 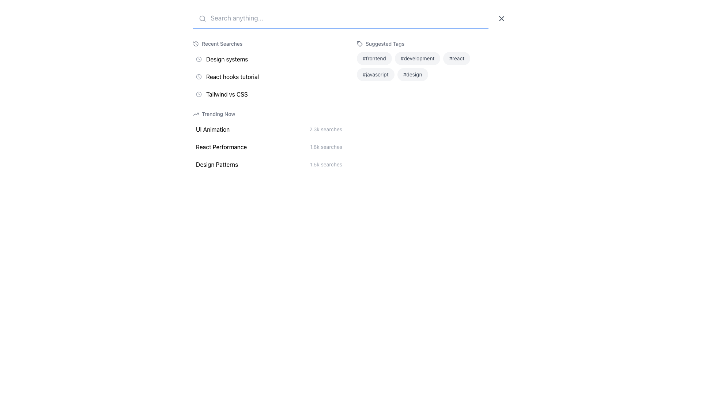 I want to click on the interactive list item labeled 'React hooks tutorial' located in the 'Recent Searches' section, so click(x=268, y=76).